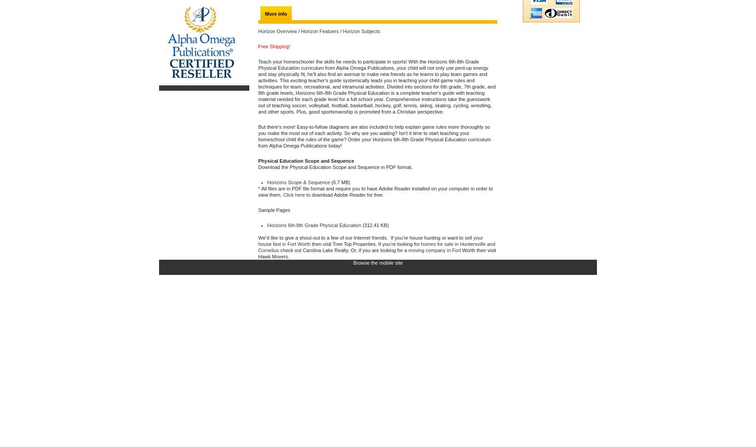 The image size is (756, 447). What do you see at coordinates (376, 247) in the screenshot?
I see `'homes for sale in Huntersville and Cornelius'` at bounding box center [376, 247].